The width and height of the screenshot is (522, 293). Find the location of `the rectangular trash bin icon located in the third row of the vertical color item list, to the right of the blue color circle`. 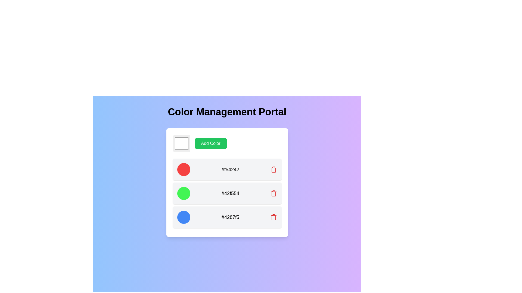

the rectangular trash bin icon located in the third row of the vertical color item list, to the right of the blue color circle is located at coordinates (274, 193).